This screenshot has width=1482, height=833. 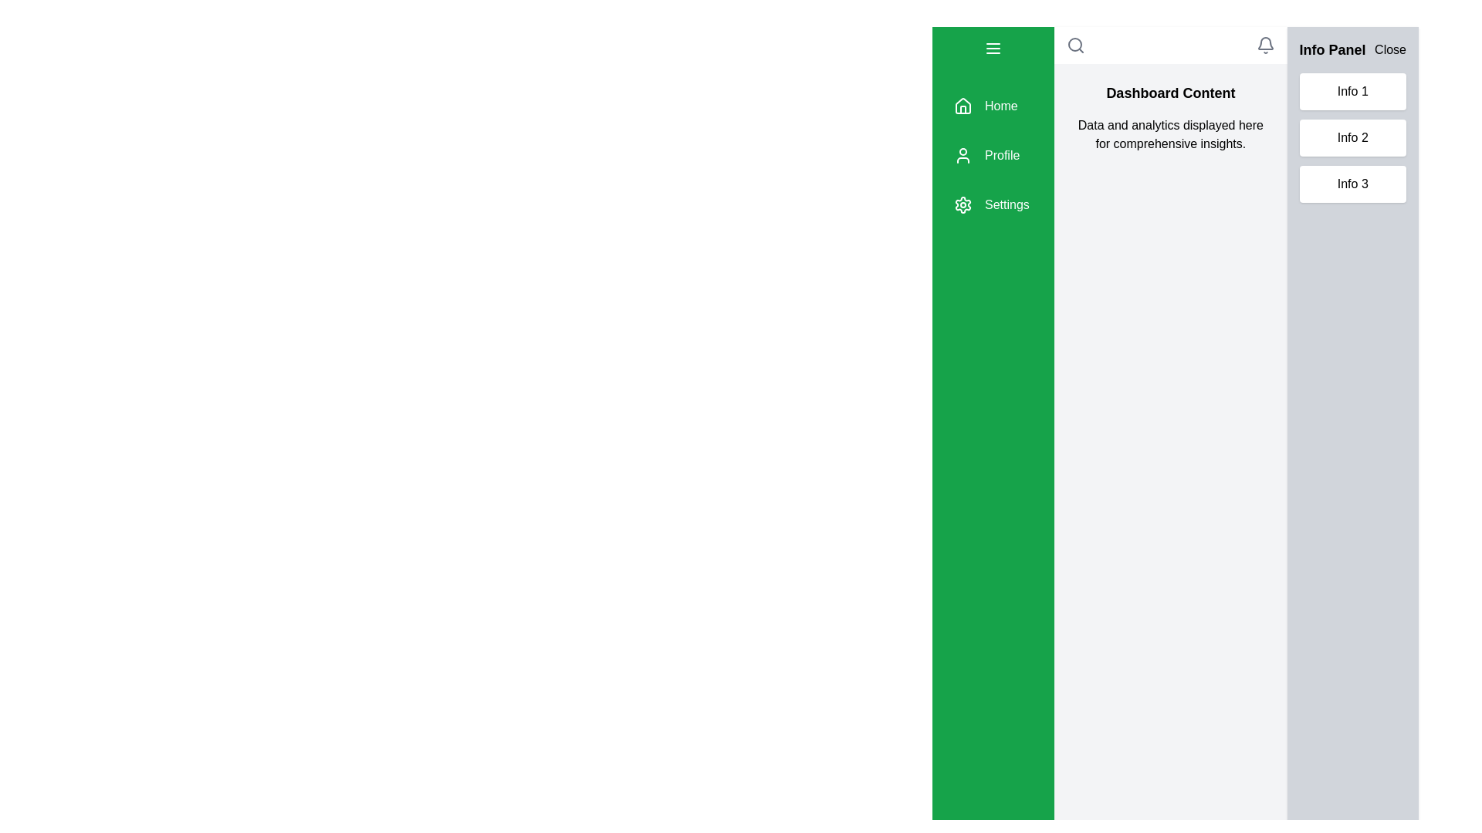 I want to click on the 'Profile' menu option in the sidebar, which is the second item located between 'Home' and 'Settings', so click(x=993, y=155).